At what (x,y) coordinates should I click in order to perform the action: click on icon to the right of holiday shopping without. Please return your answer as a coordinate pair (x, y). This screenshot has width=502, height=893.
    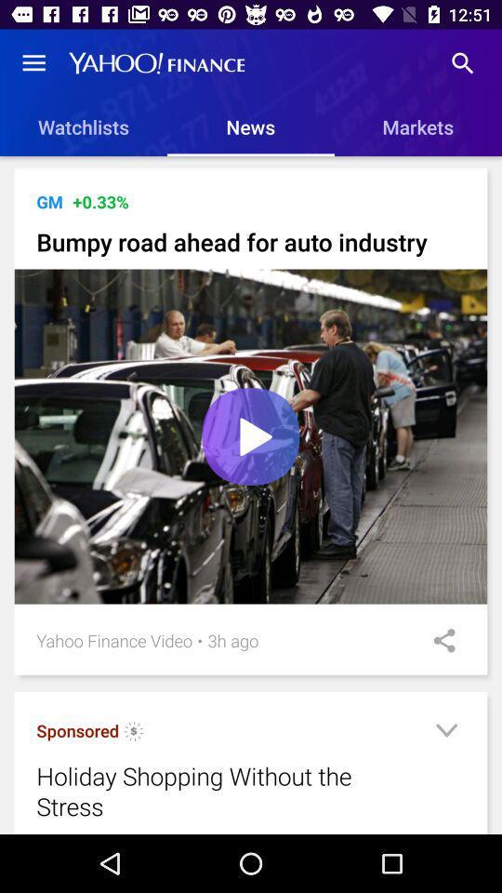
    Looking at the image, I should click on (445, 733).